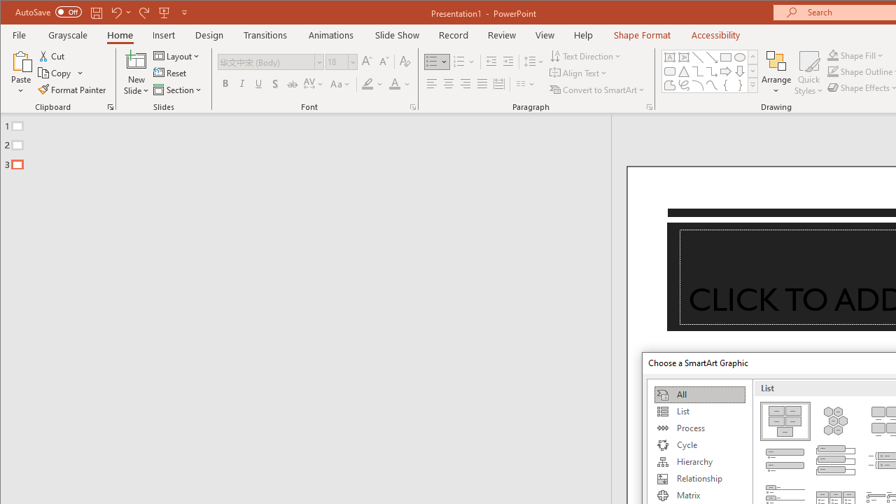 The height and width of the screenshot is (504, 896). What do you see at coordinates (739, 57) in the screenshot?
I see `'Oval'` at bounding box center [739, 57].